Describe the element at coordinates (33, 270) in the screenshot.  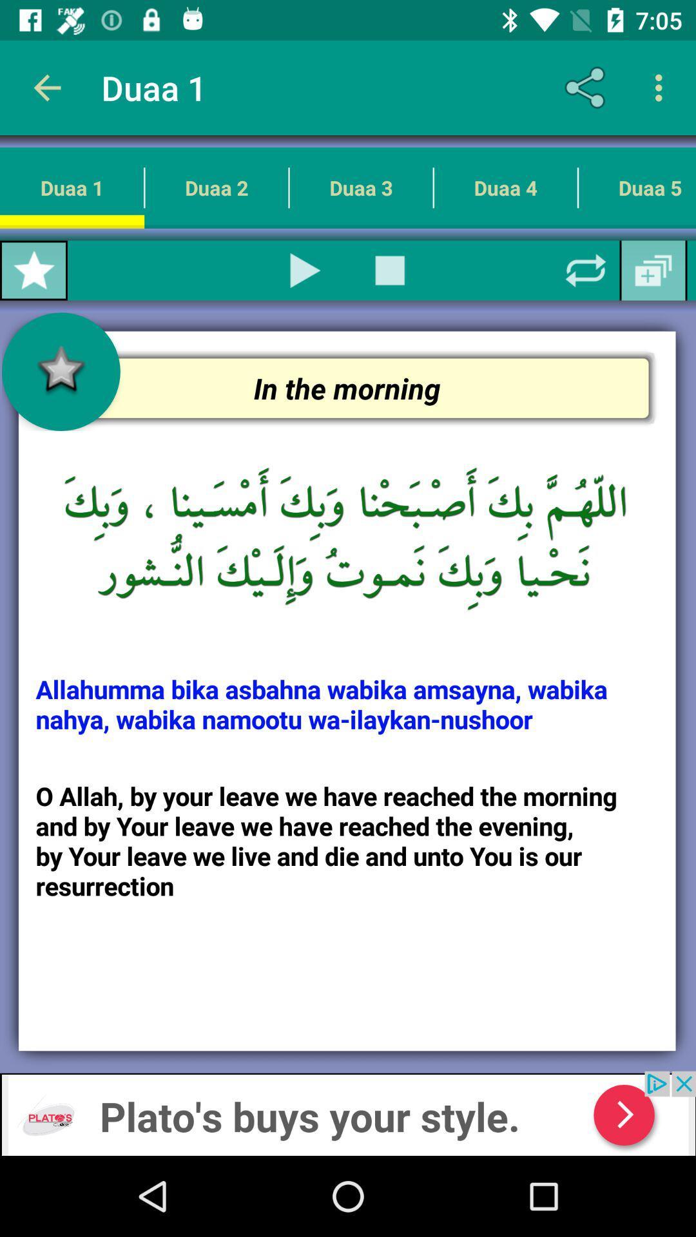
I see `make favorite` at that location.